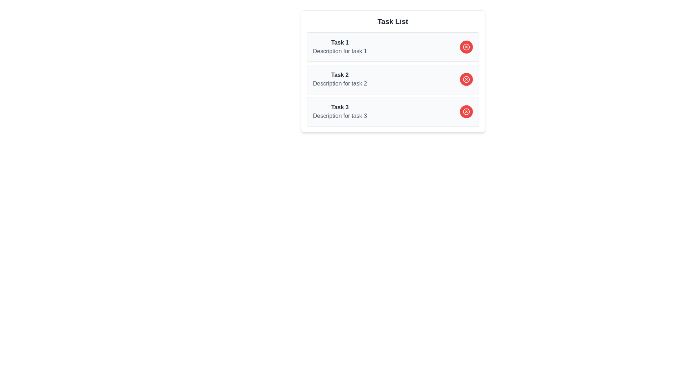 The width and height of the screenshot is (691, 388). What do you see at coordinates (466, 79) in the screenshot?
I see `the circular red button with a white border and a cross icon, located on the right side of the block labeled 'Task 2' within the second row in the task list, adjacent to the description 'Description for task 2'` at bounding box center [466, 79].